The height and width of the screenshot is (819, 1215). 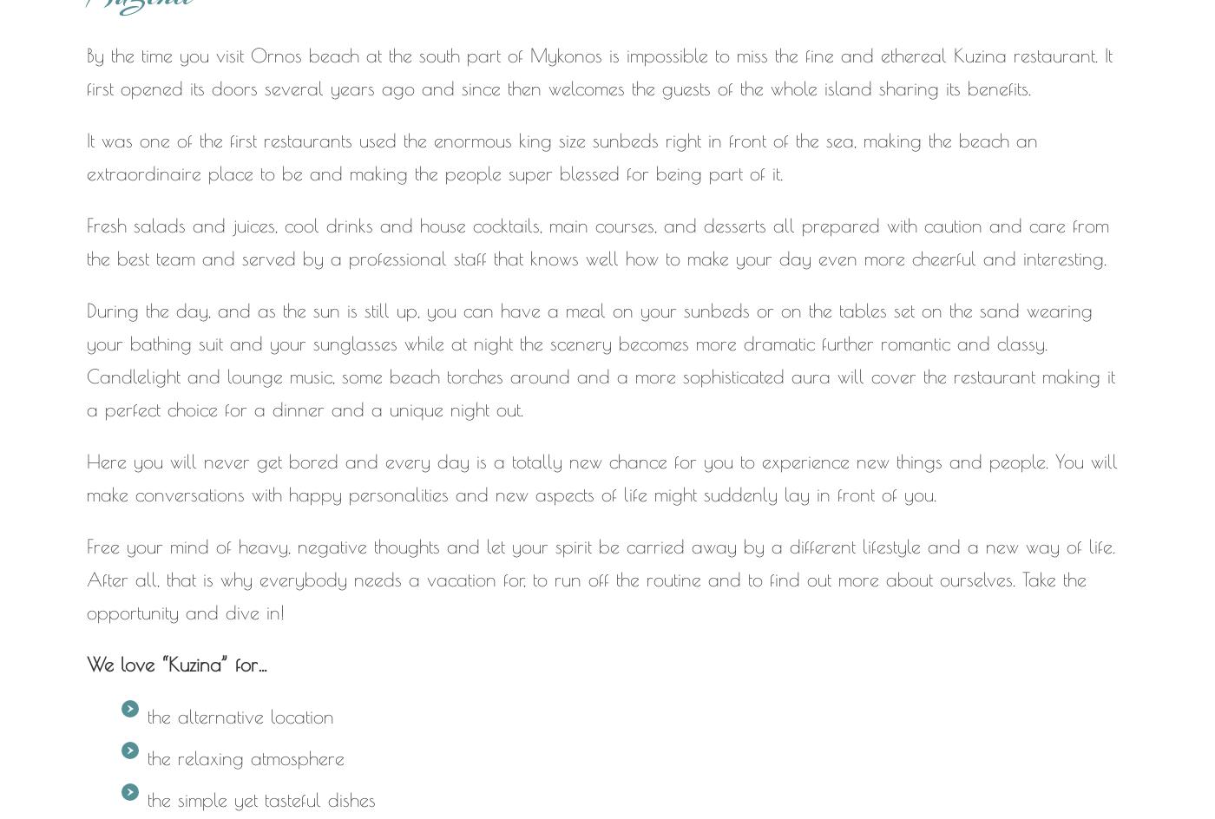 I want to click on 'the relaxing atmosphere', so click(x=246, y=757).